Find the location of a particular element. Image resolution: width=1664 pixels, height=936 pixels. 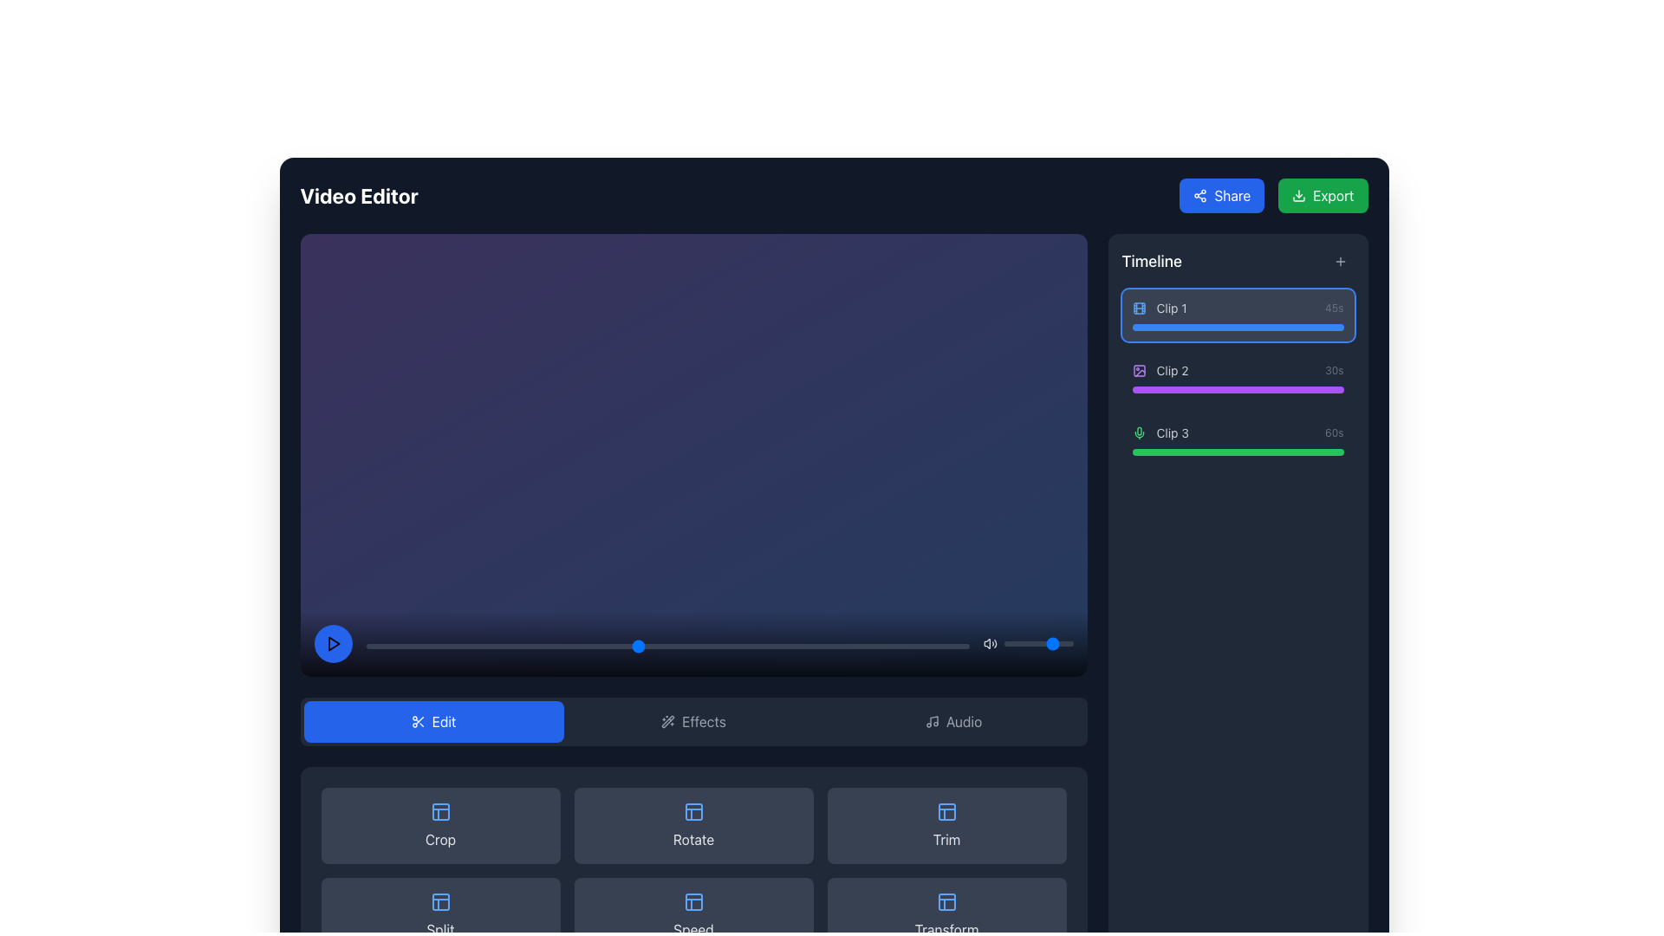

the play button located in the bottom-left corner of the video preview section is located at coordinates (333, 643).